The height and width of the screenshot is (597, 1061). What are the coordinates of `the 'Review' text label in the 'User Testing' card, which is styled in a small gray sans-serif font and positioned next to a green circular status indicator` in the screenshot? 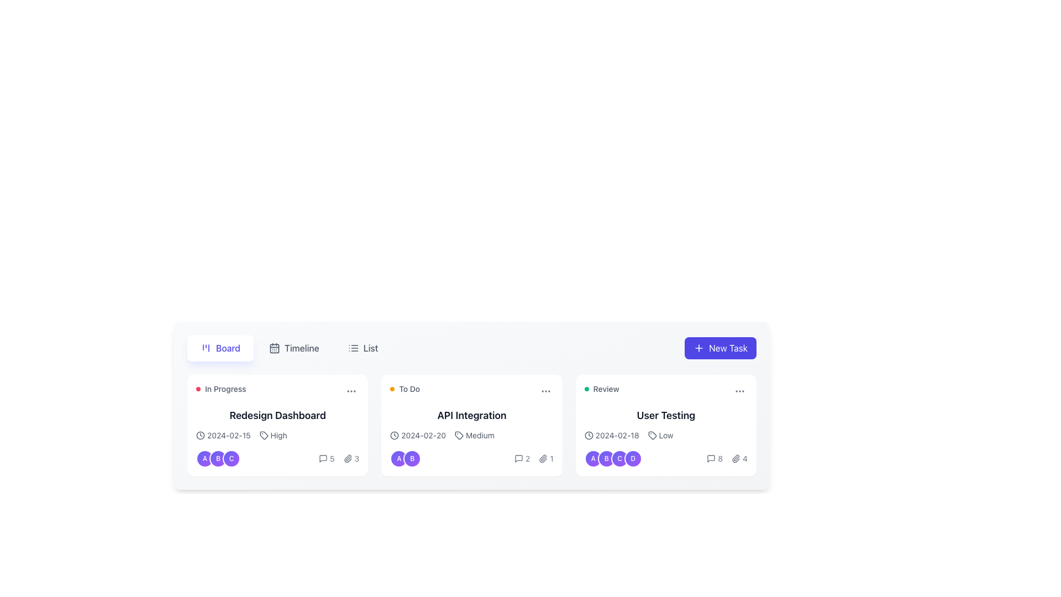 It's located at (606, 389).